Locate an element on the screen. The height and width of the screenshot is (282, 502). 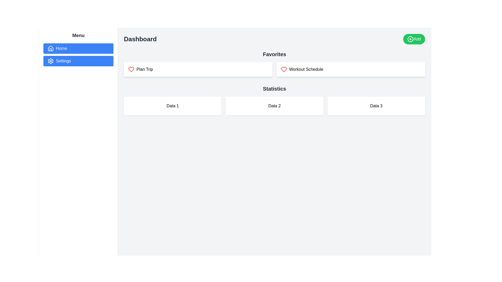
the navigational button located on the left side of the interface, which is the first item in the vertical menu list is located at coordinates (78, 48).